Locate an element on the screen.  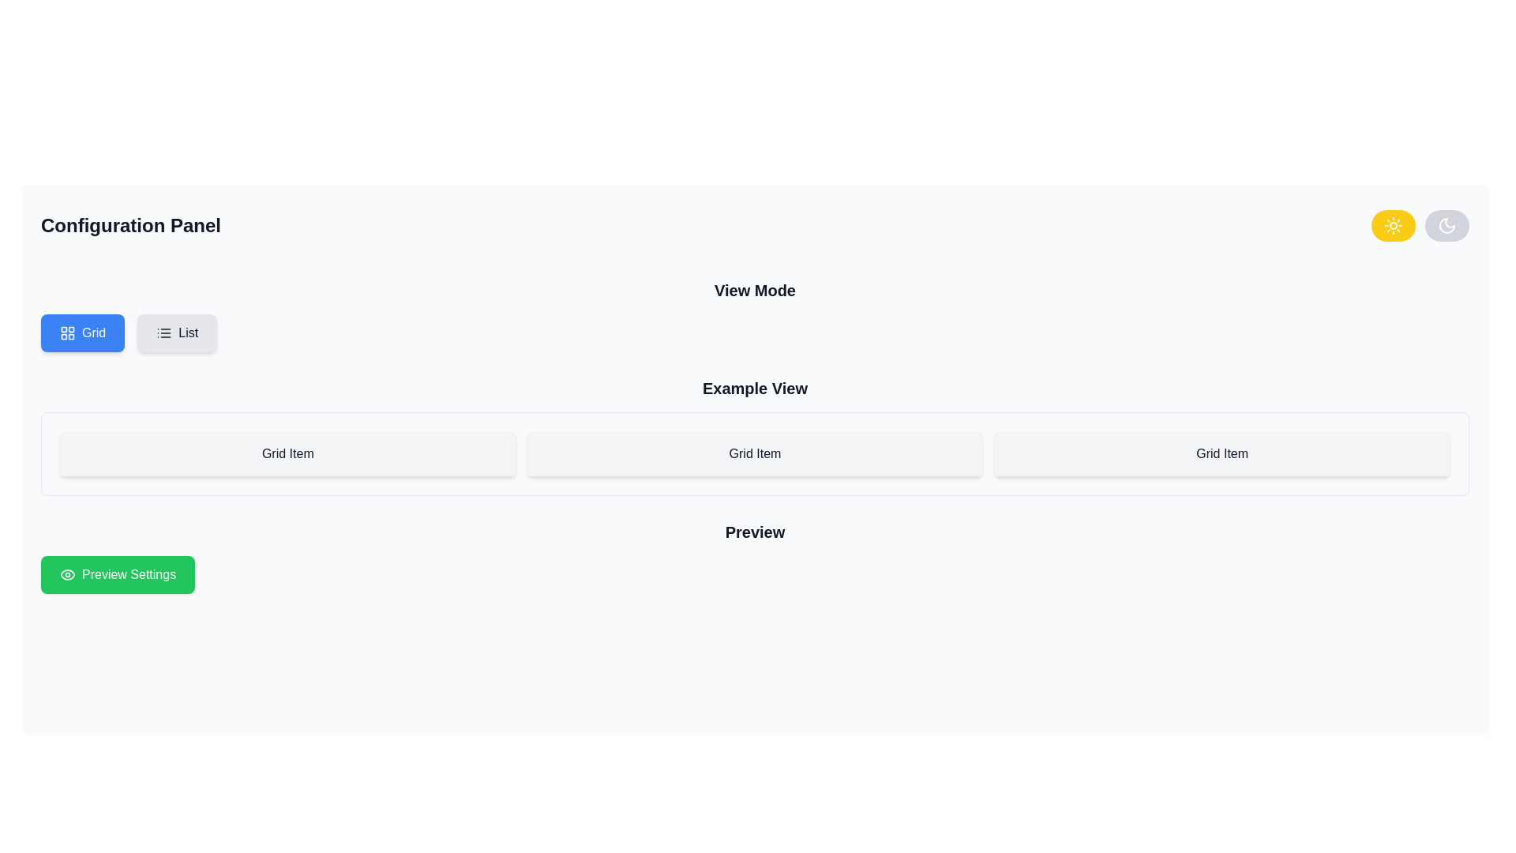
the white moon icon with a crescent detail located in the top-right area of the UI is located at coordinates (1447, 225).